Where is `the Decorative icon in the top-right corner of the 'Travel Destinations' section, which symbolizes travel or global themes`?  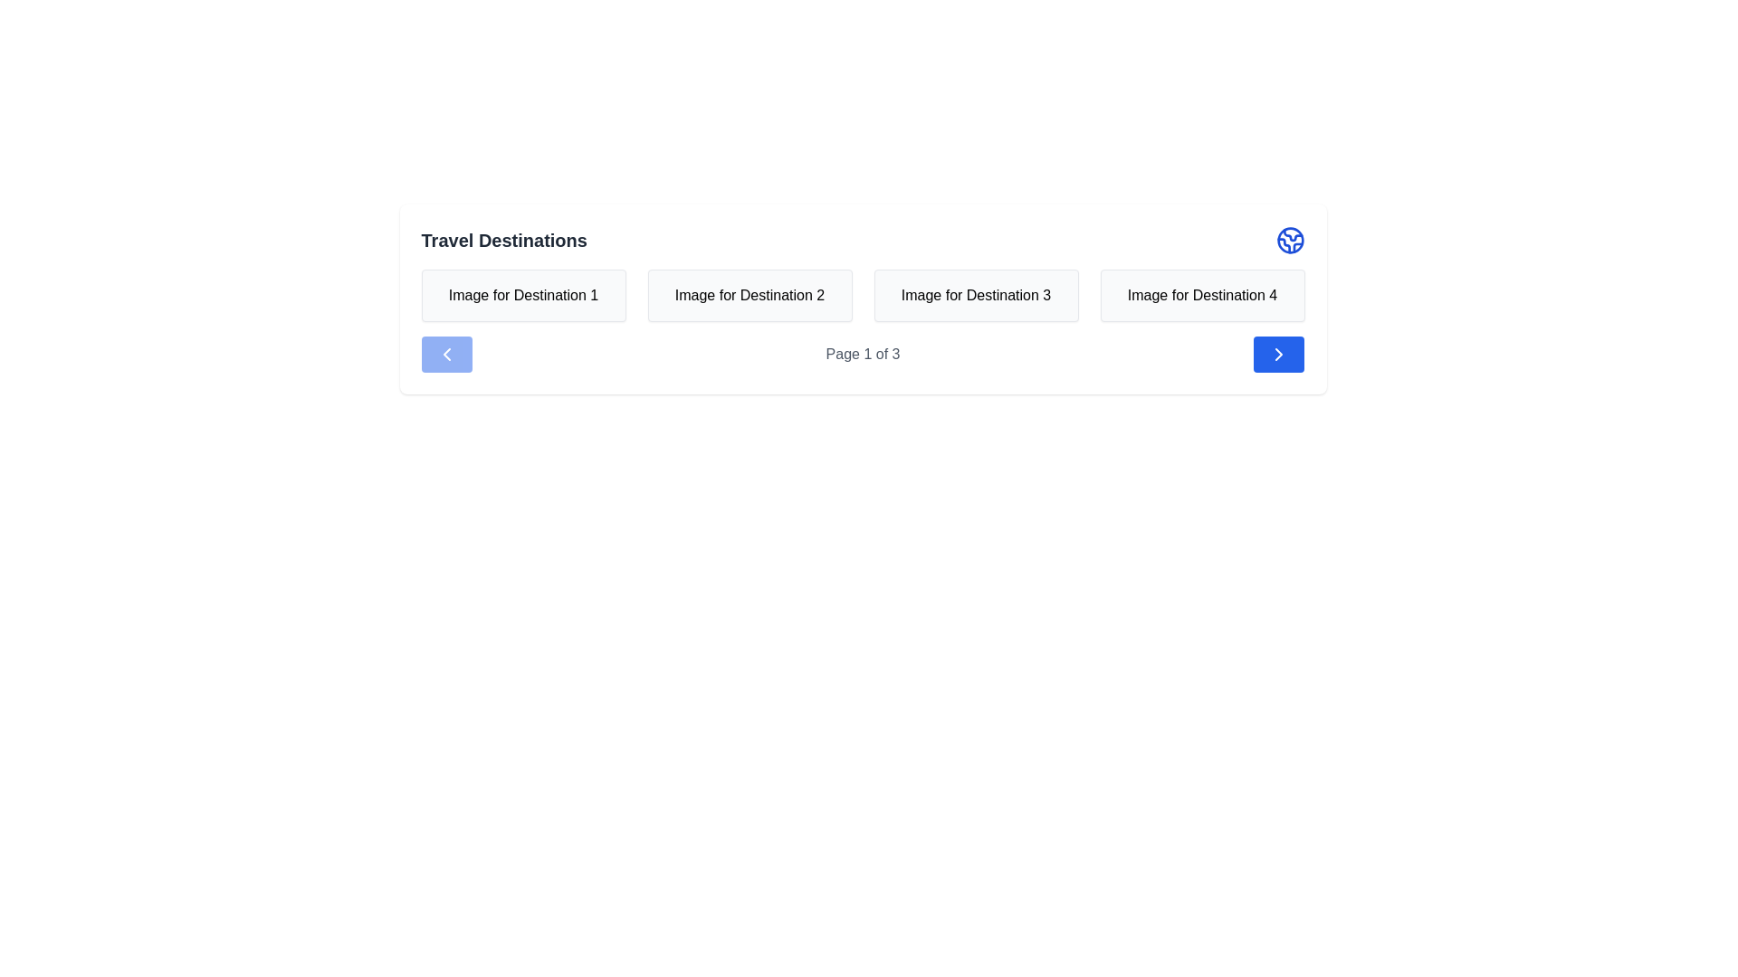
the Decorative icon in the top-right corner of the 'Travel Destinations' section, which symbolizes travel or global themes is located at coordinates (1289, 240).